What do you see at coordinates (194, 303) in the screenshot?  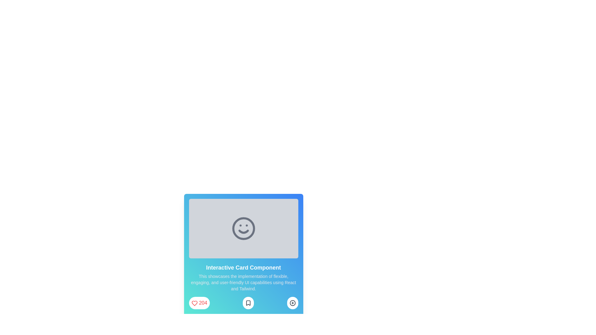 I see `the heart-shaped icon with a hollow, outlined design located in the bottom-left area of the interactive card UI component` at bounding box center [194, 303].